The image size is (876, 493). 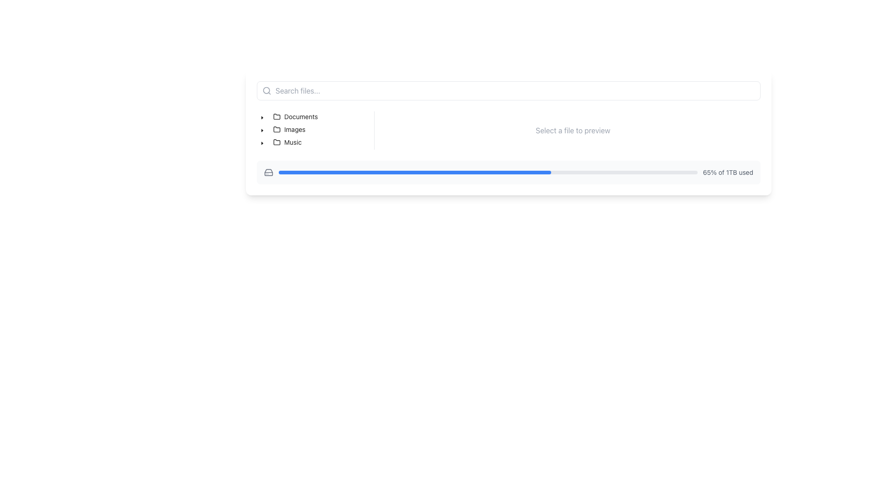 What do you see at coordinates (301, 116) in the screenshot?
I see `the 'Documents' text label` at bounding box center [301, 116].